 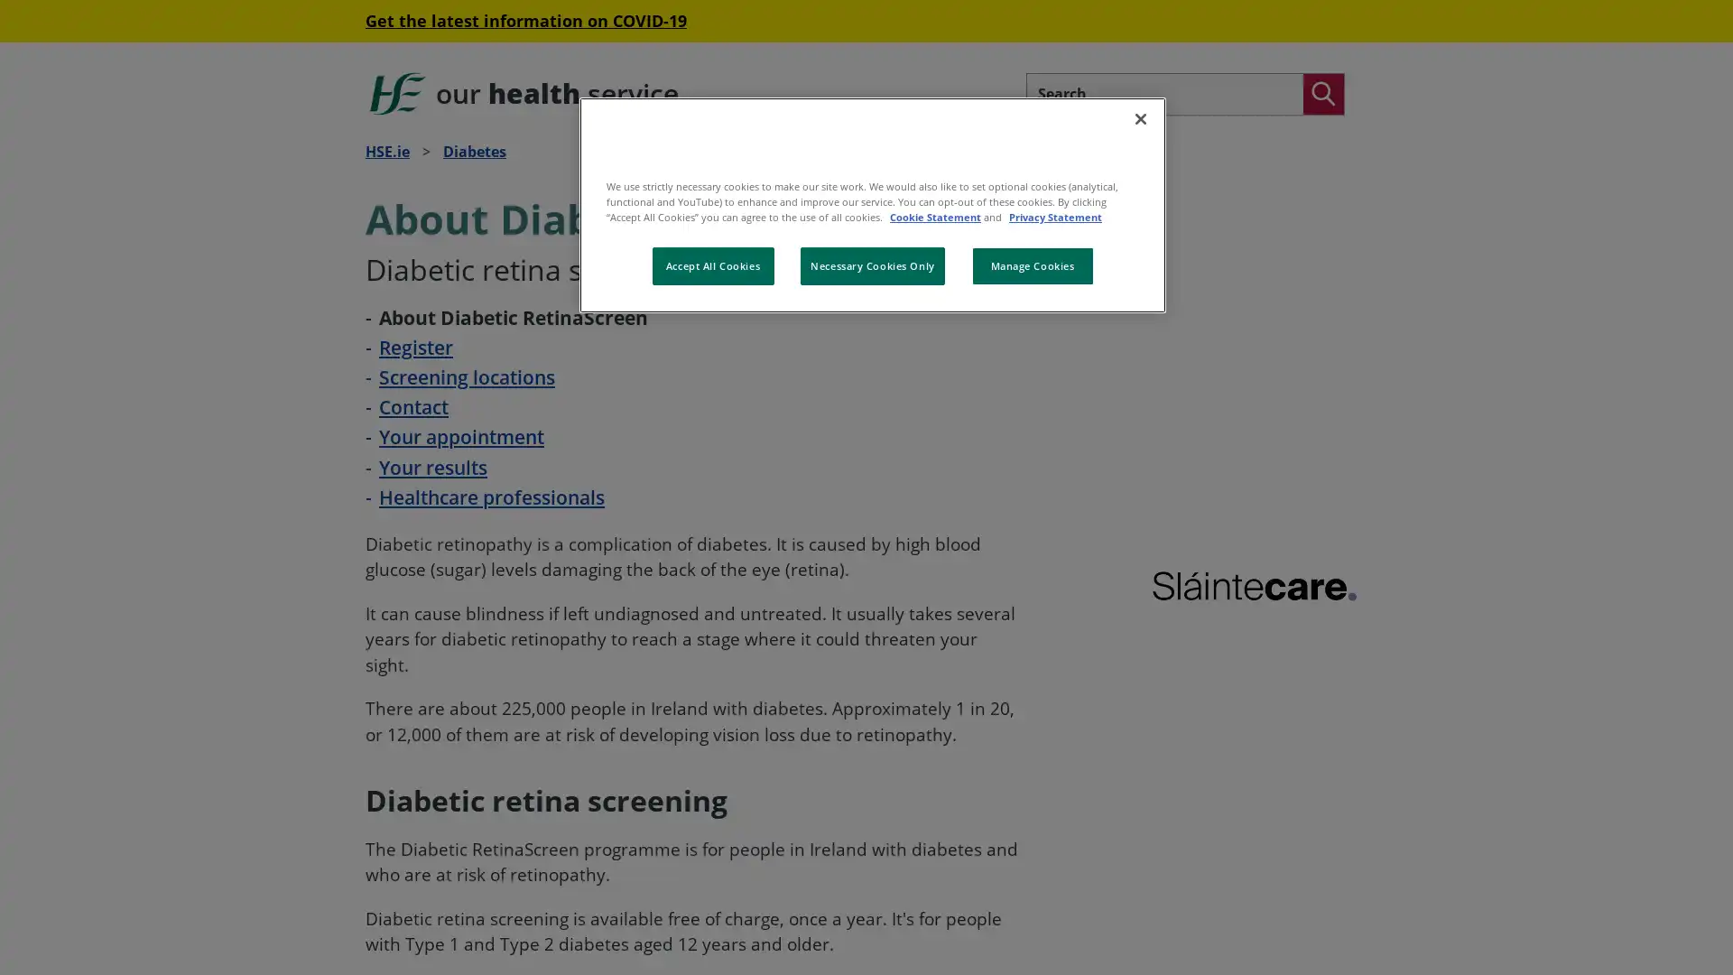 What do you see at coordinates (1323, 93) in the screenshot?
I see `Search` at bounding box center [1323, 93].